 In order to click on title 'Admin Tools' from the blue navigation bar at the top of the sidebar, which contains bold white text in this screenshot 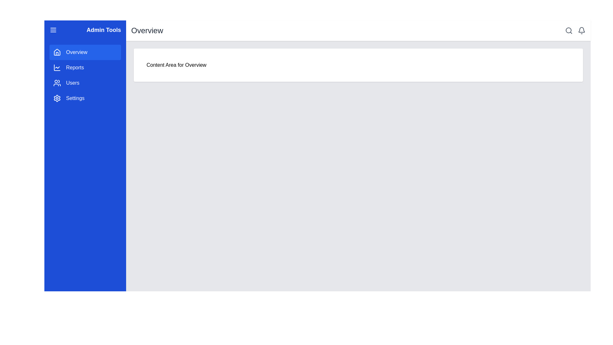, I will do `click(85, 30)`.